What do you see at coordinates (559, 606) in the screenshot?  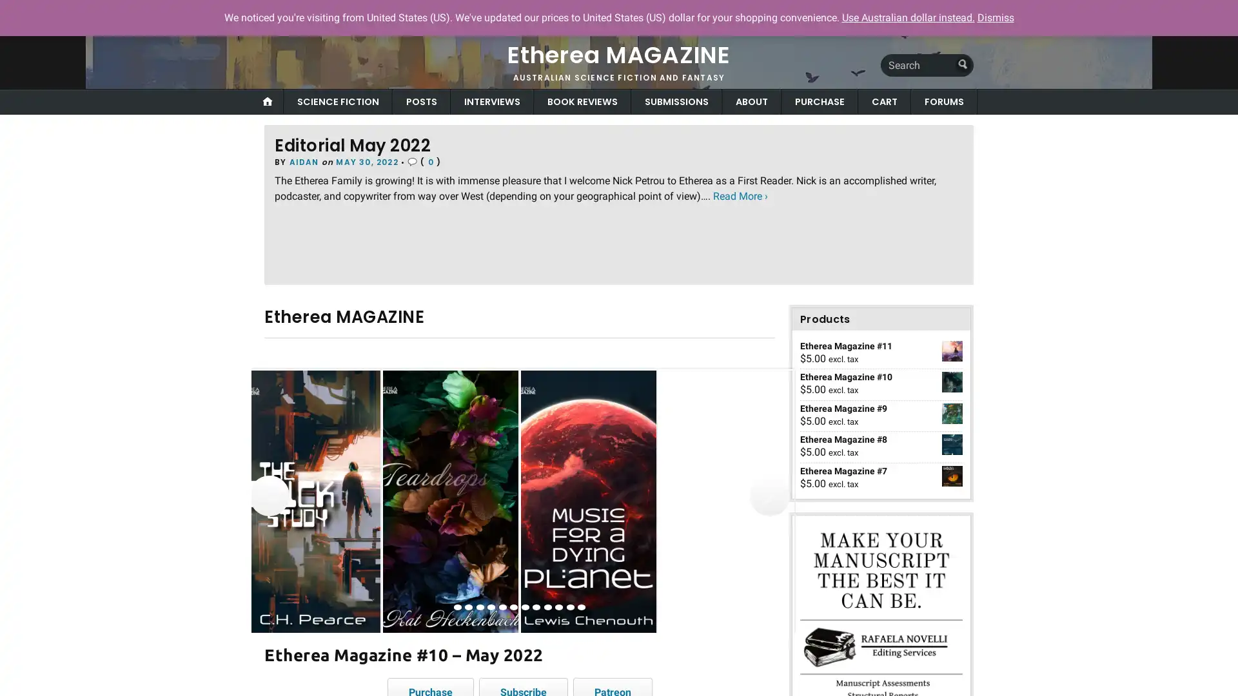 I see `view image 10 of 12 in carousel` at bounding box center [559, 606].